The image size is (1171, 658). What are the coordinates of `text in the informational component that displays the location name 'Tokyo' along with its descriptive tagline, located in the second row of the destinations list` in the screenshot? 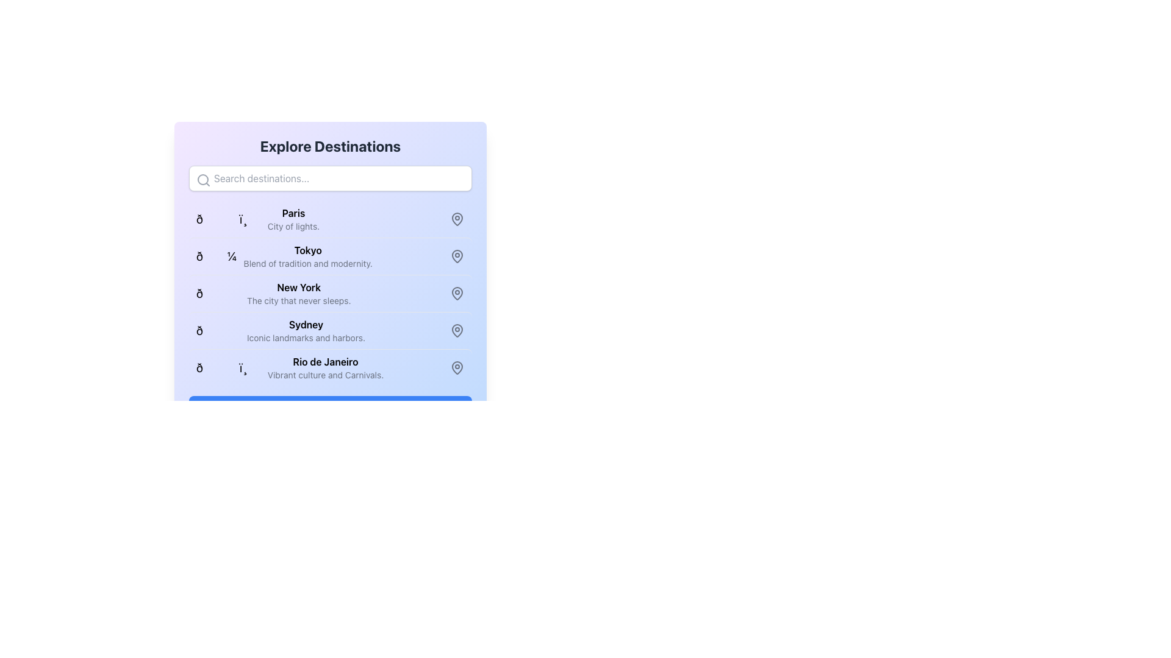 It's located at (308, 255).